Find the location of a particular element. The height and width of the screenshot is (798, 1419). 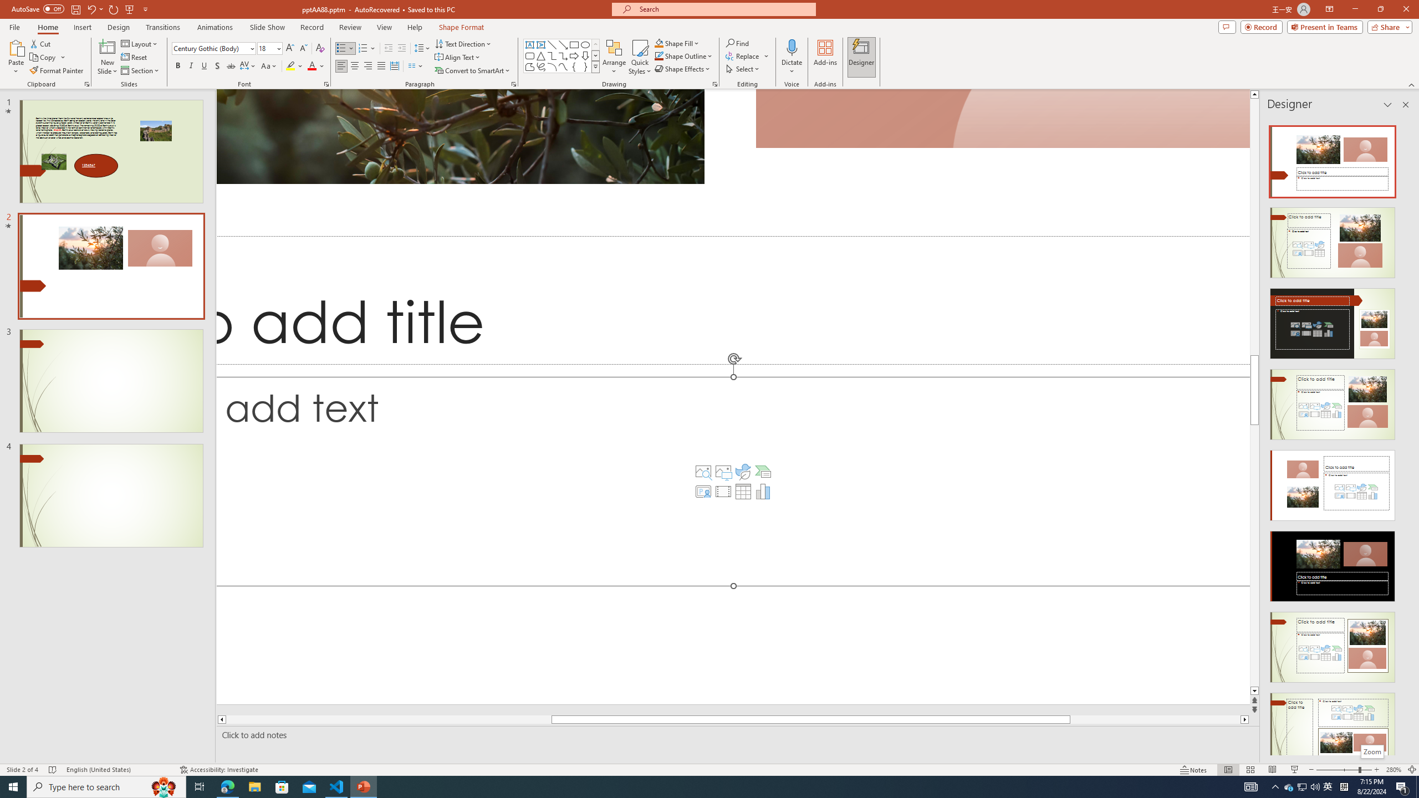

'Font...' is located at coordinates (325, 83).